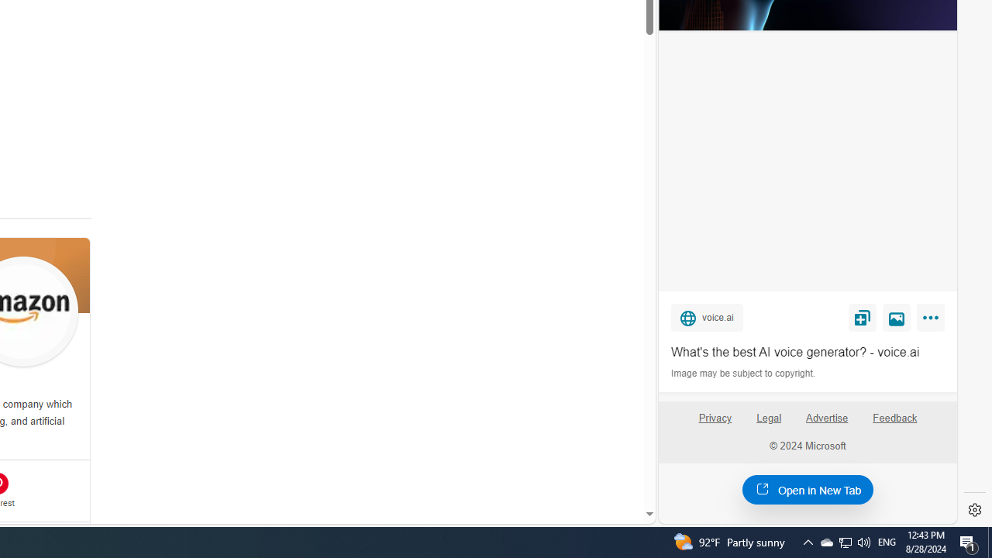 The width and height of the screenshot is (992, 558). What do you see at coordinates (590, 467) in the screenshot?
I see `'AutomationID: mfa_root'` at bounding box center [590, 467].